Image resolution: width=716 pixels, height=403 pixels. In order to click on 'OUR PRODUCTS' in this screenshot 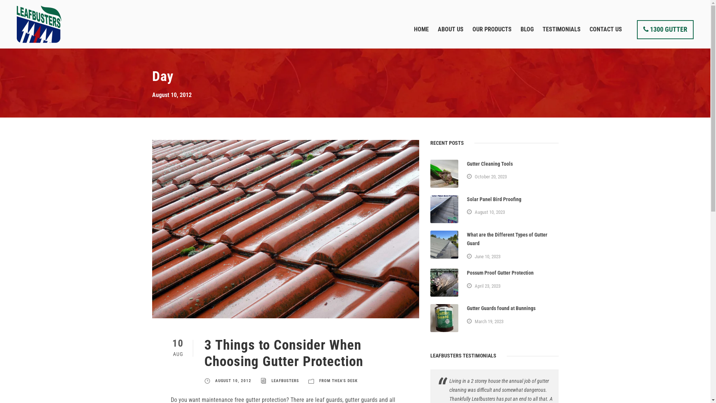, I will do `click(492, 36)`.